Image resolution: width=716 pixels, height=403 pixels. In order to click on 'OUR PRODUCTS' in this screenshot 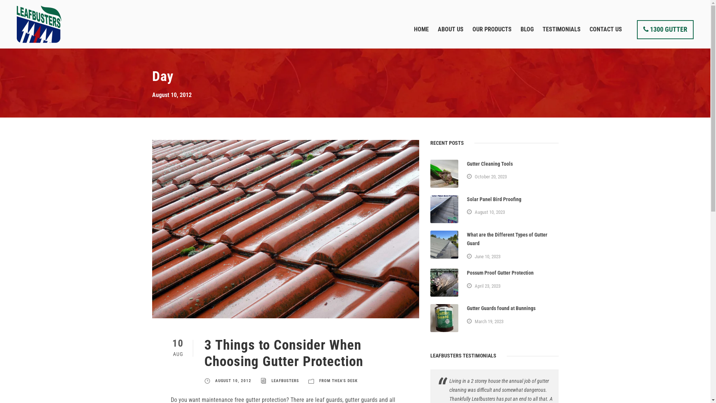, I will do `click(492, 36)`.